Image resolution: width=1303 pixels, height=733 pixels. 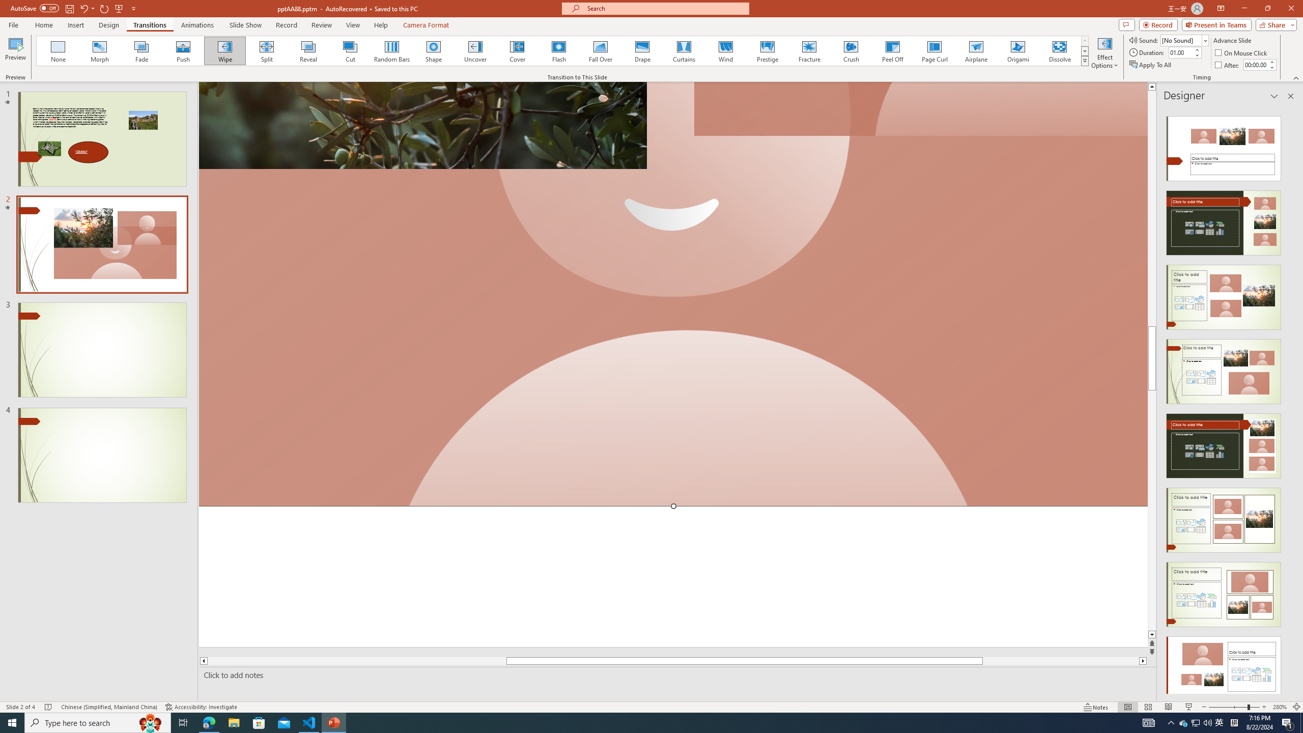 I want to click on 'Split', so click(x=266, y=50).